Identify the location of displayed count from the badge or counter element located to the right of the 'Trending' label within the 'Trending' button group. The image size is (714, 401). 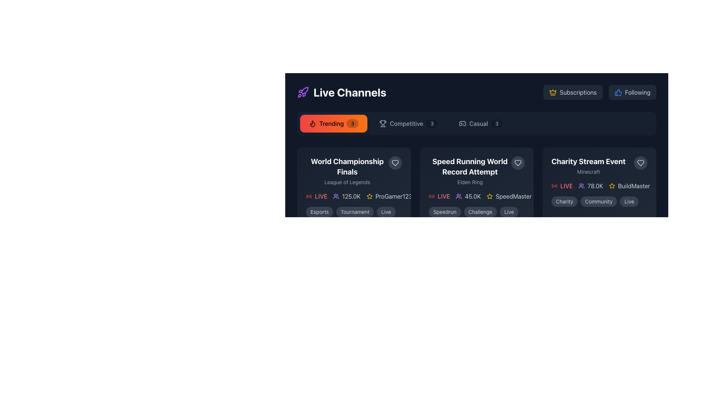
(352, 123).